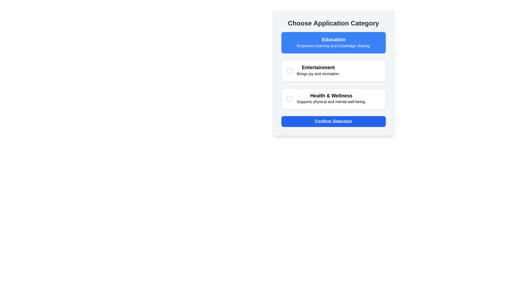 This screenshot has width=522, height=293. I want to click on the bold text label reading 'Health & Wellness' located in the middle section of the selectable card, positioned beneath a radio button and above the supplementary text, so click(331, 95).